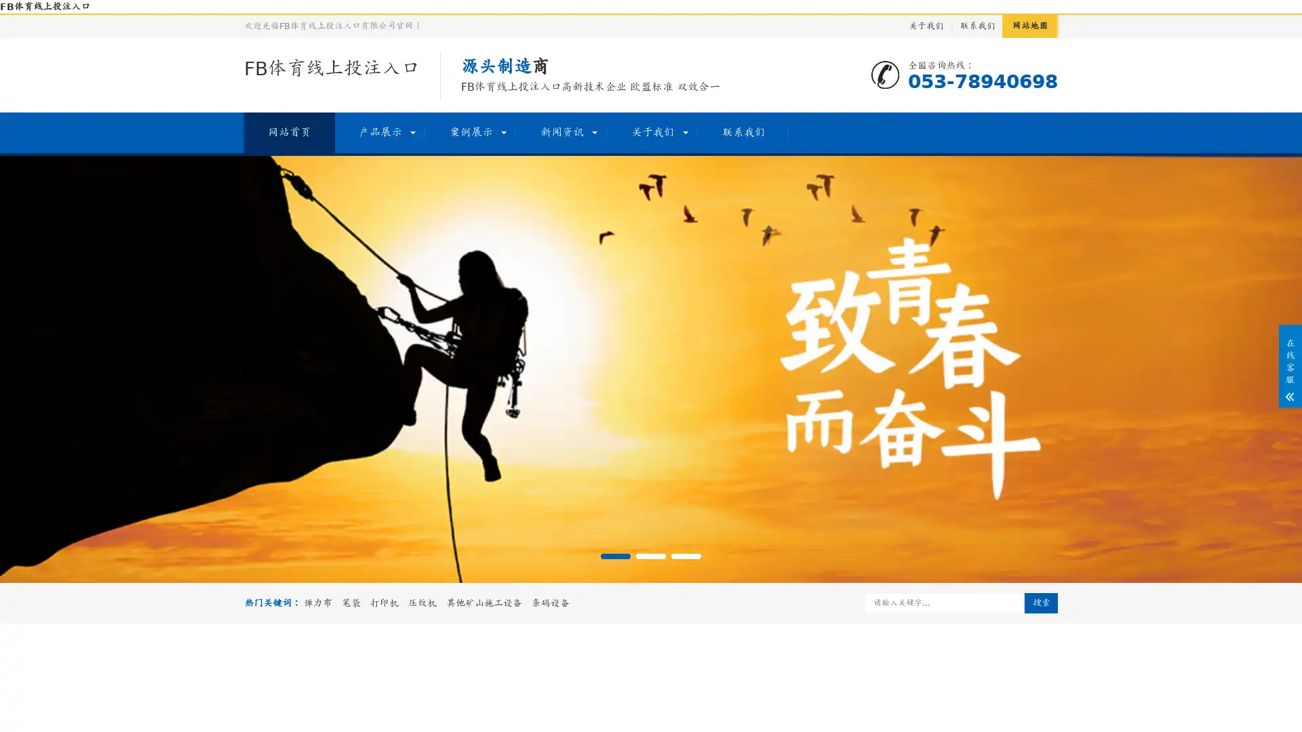  What do you see at coordinates (651, 556) in the screenshot?
I see `Go to slide 2` at bounding box center [651, 556].